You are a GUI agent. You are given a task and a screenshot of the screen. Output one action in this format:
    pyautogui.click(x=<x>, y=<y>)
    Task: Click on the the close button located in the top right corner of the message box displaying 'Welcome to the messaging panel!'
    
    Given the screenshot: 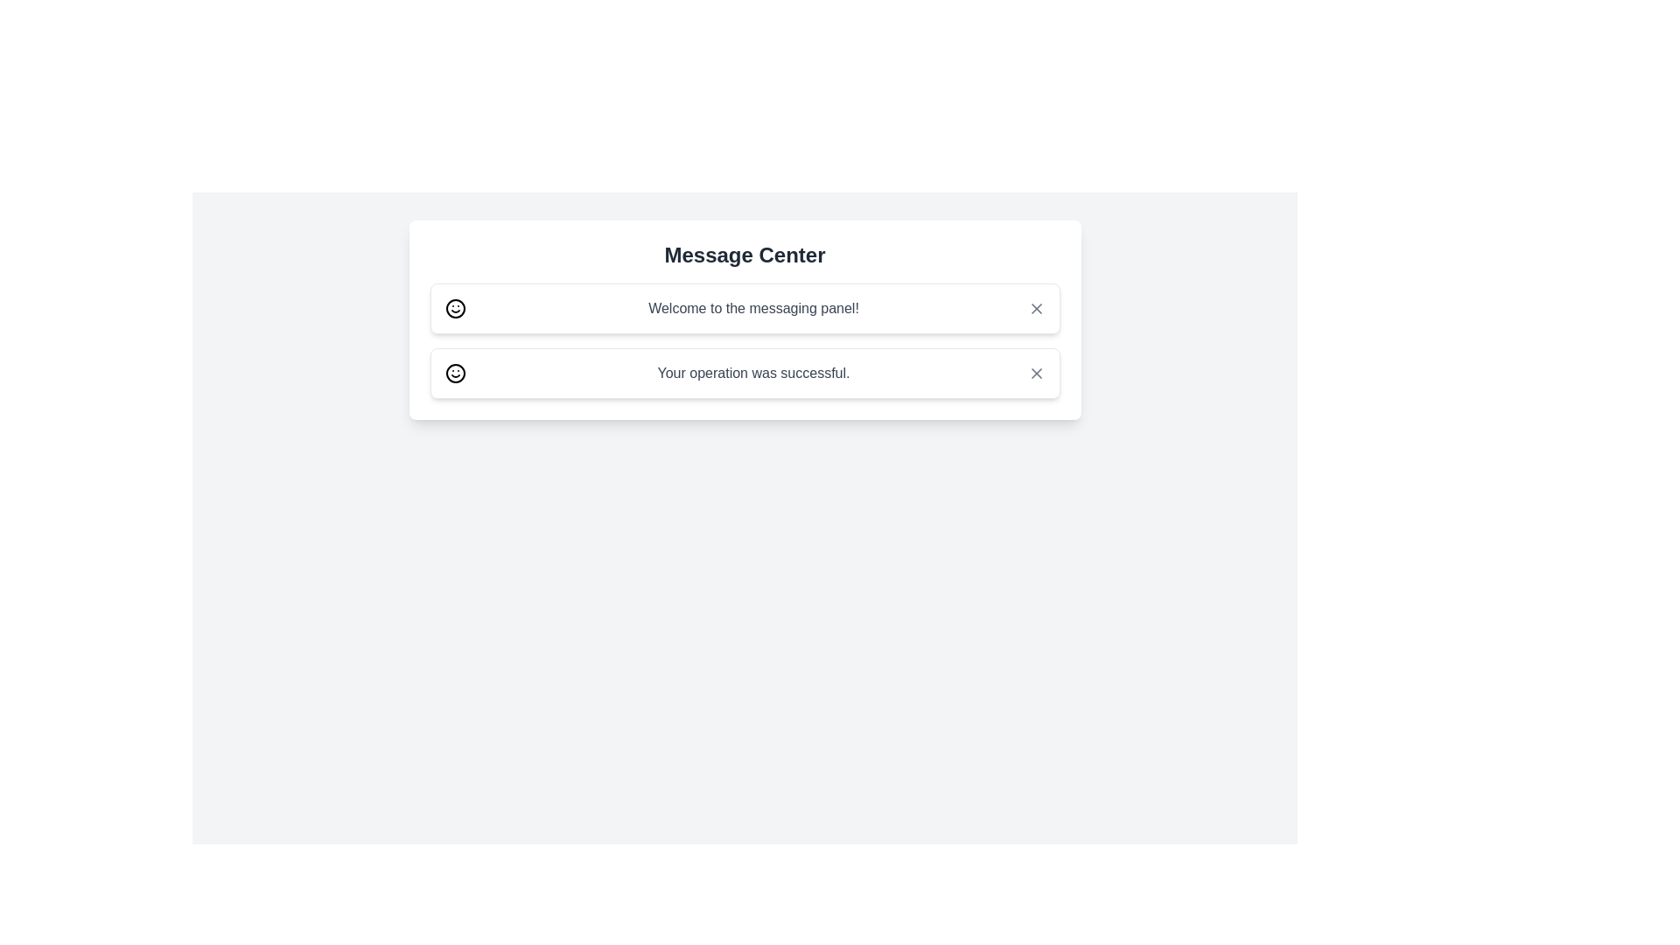 What is the action you would take?
    pyautogui.click(x=1036, y=308)
    